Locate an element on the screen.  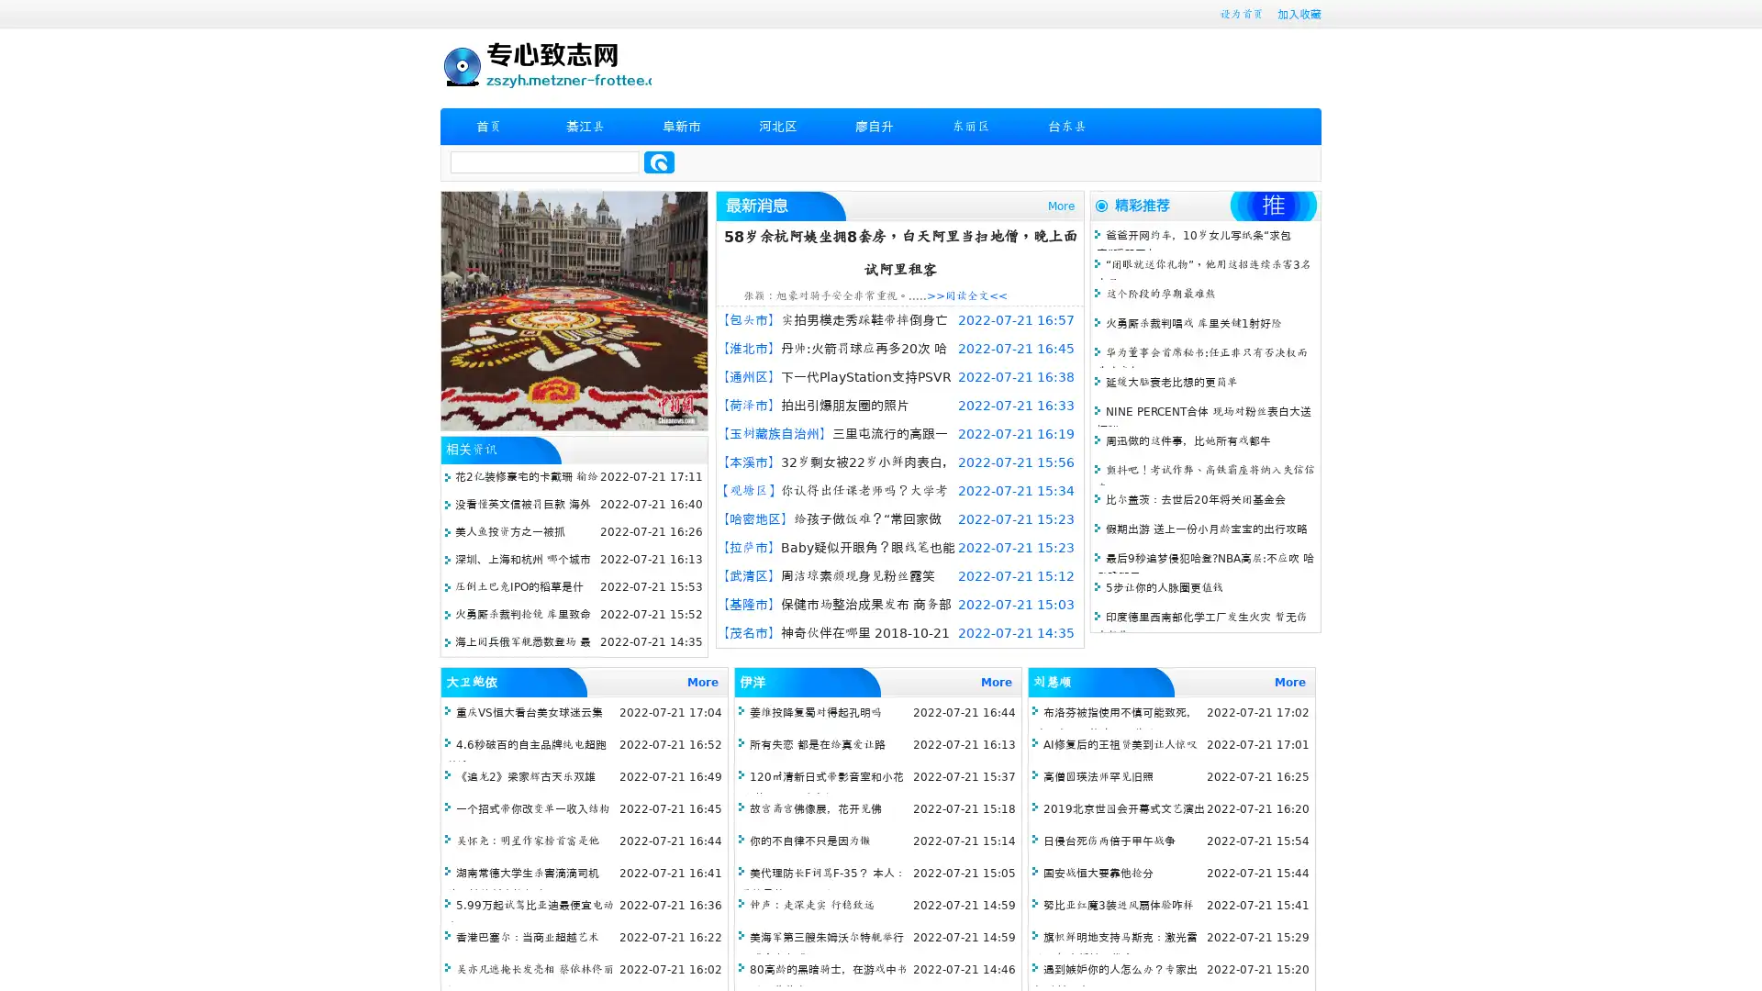
Search is located at coordinates (659, 161).